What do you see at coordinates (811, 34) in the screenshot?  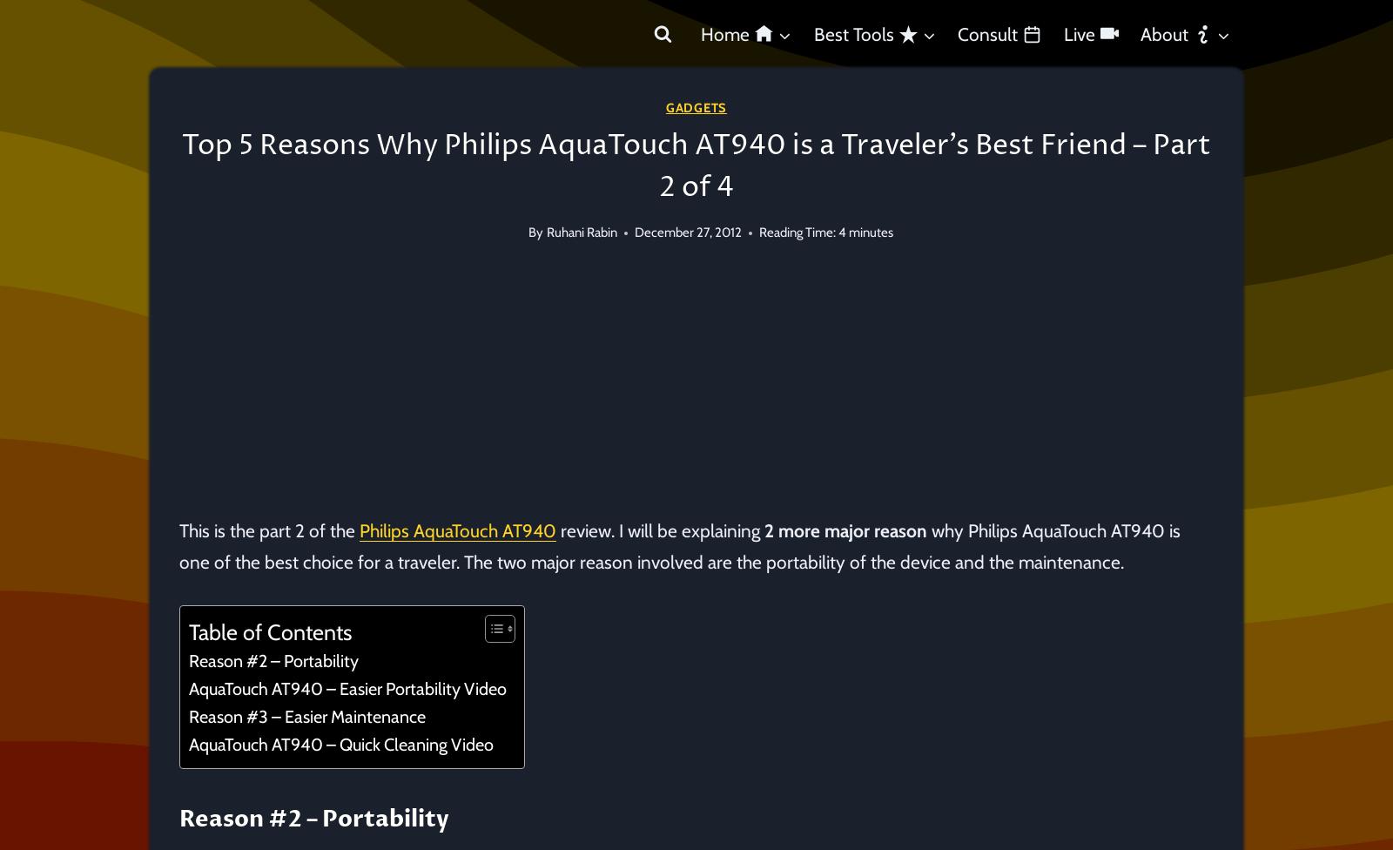 I see `'Best Tools'` at bounding box center [811, 34].